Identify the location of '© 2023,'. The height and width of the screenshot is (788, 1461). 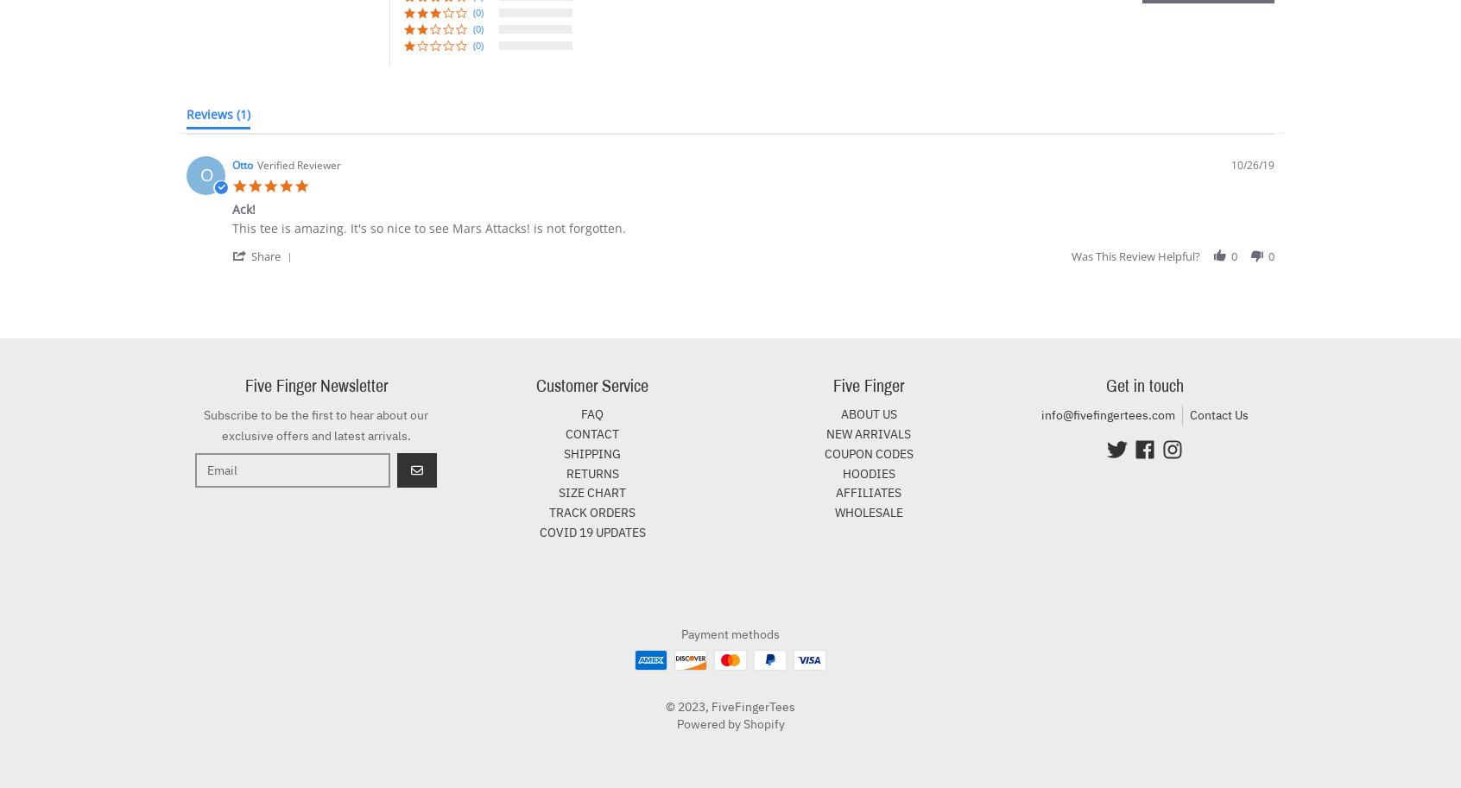
(688, 704).